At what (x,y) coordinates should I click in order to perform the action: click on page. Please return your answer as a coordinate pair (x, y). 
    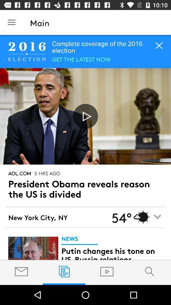
    Looking at the image, I should click on (85, 116).